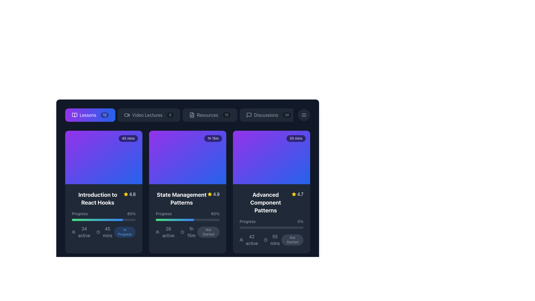 The height and width of the screenshot is (301, 535). What do you see at coordinates (99, 220) in the screenshot?
I see `the progress bar` at bounding box center [99, 220].